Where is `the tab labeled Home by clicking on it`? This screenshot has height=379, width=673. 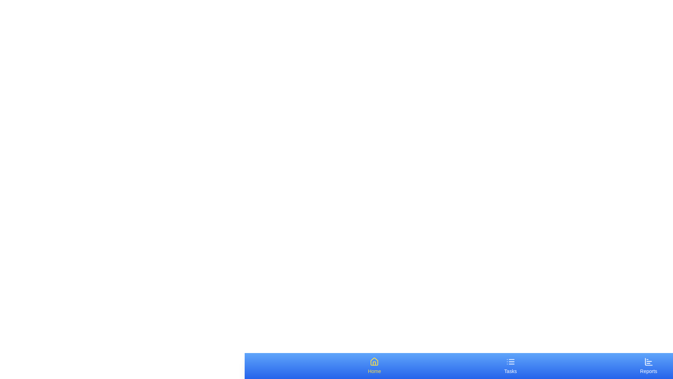 the tab labeled Home by clicking on it is located at coordinates (374, 365).